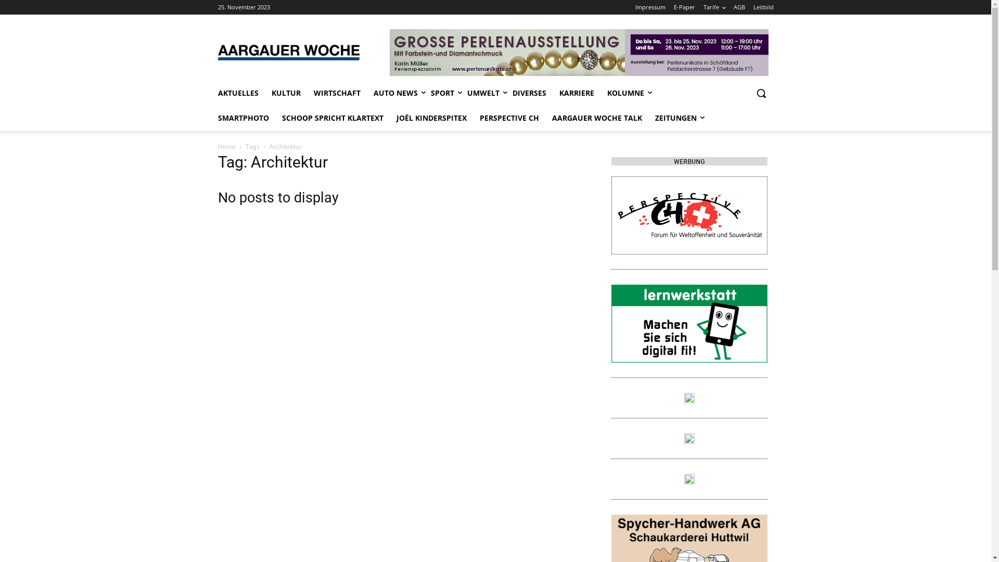 Image resolution: width=999 pixels, height=562 pixels. What do you see at coordinates (654, 118) in the screenshot?
I see `'ZEITUNGEN'` at bounding box center [654, 118].